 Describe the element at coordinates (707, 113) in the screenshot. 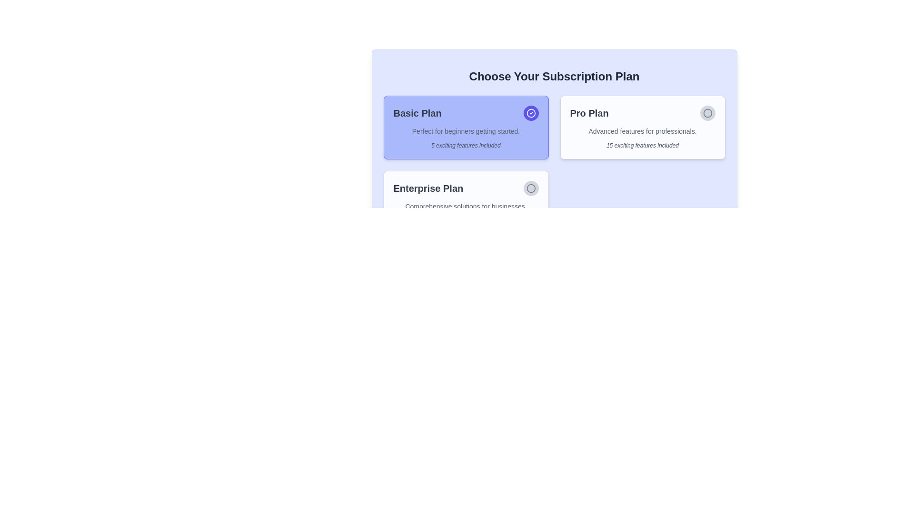

I see `the circular graphical component in the 'Pro Plan' section of the subscription plan selections, located at the top-right corner of the 'Pro Plan' card` at that location.